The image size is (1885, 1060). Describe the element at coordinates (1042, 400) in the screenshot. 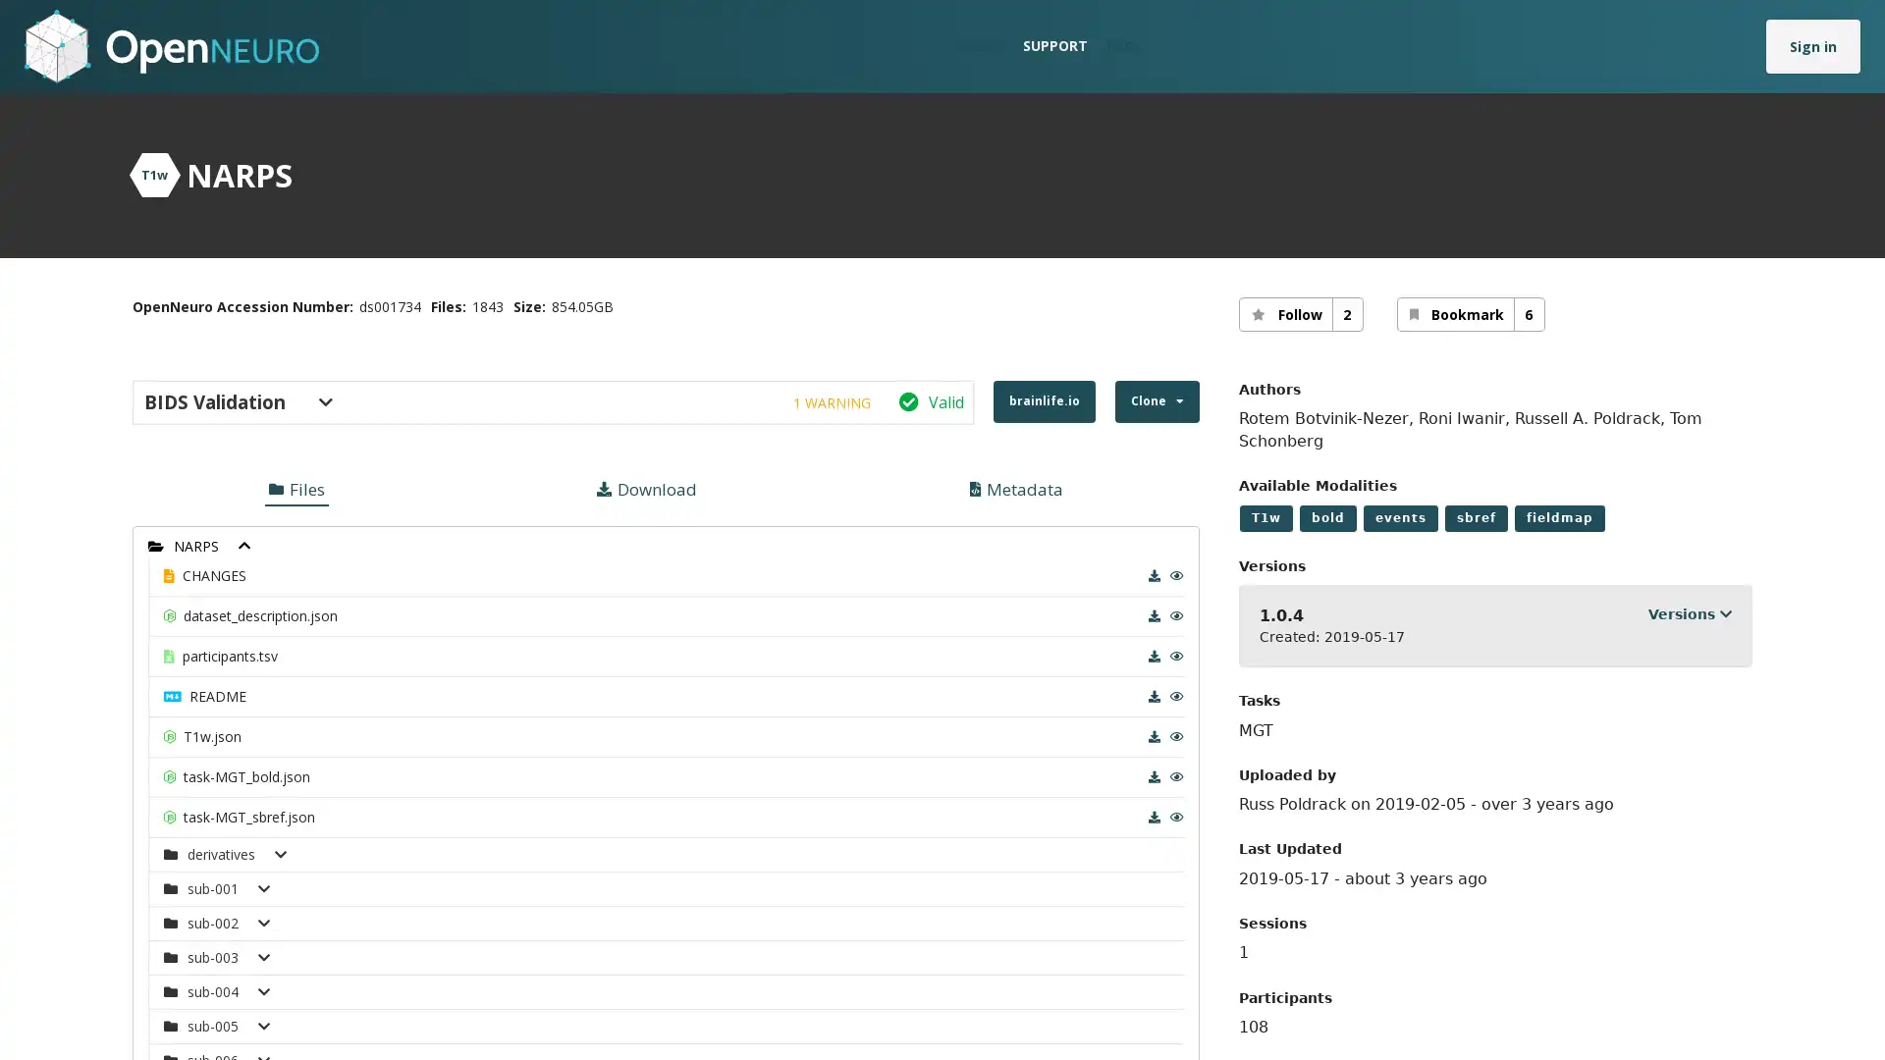

I see `brainlife.io` at that location.